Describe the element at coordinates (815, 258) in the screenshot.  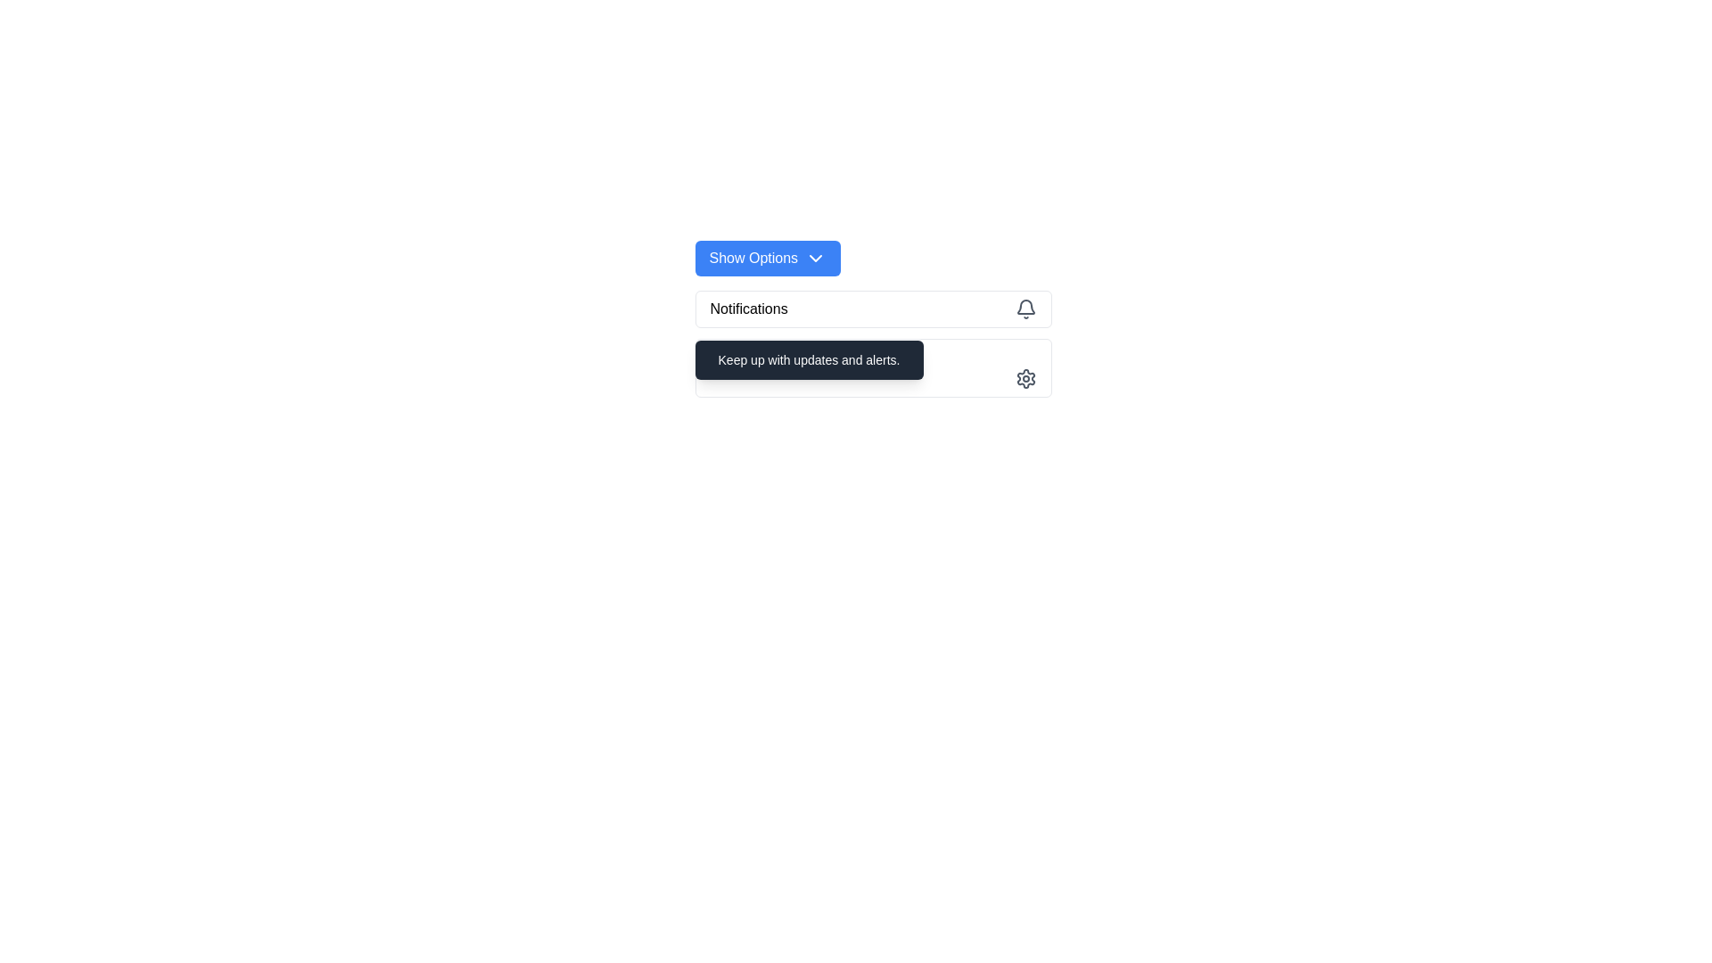
I see `the chevron icon located to the right of the 'Show Options' text on the blue button with rounded corners` at that location.